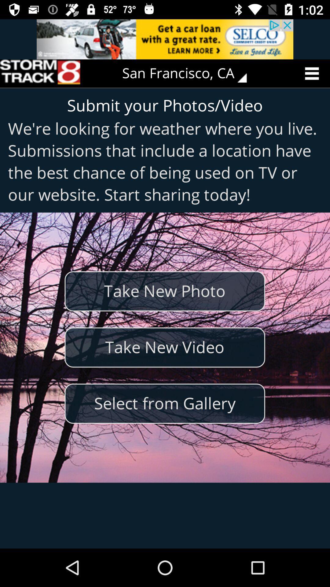 The width and height of the screenshot is (330, 587). I want to click on the icon at the top left corner, so click(40, 73).